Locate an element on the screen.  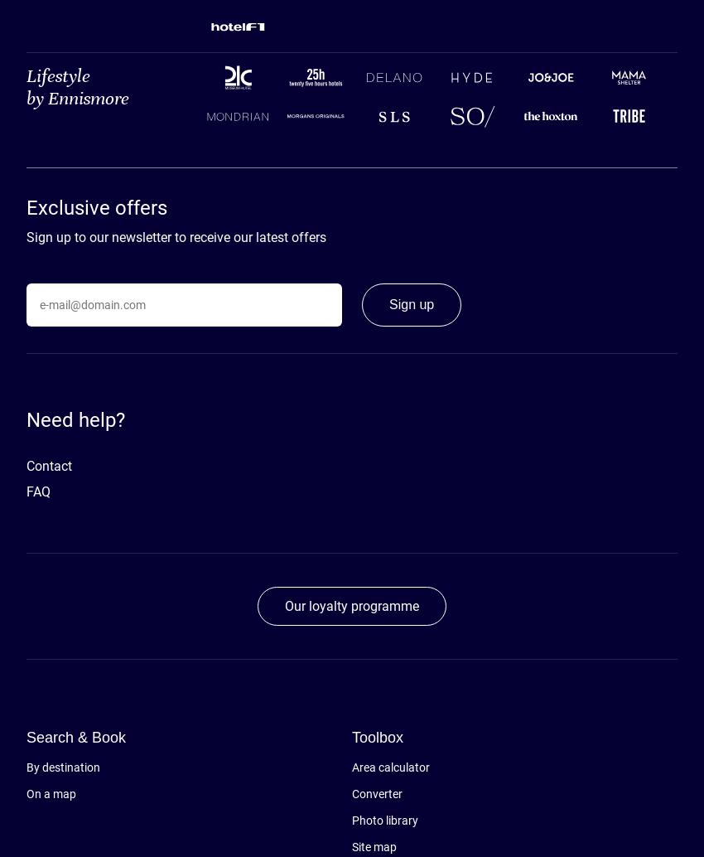
'Need help?' is located at coordinates (75, 419).